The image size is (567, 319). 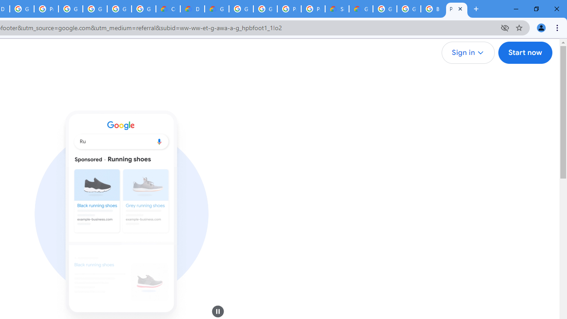 What do you see at coordinates (408, 9) in the screenshot?
I see `'Google Cloud Platform'` at bounding box center [408, 9].